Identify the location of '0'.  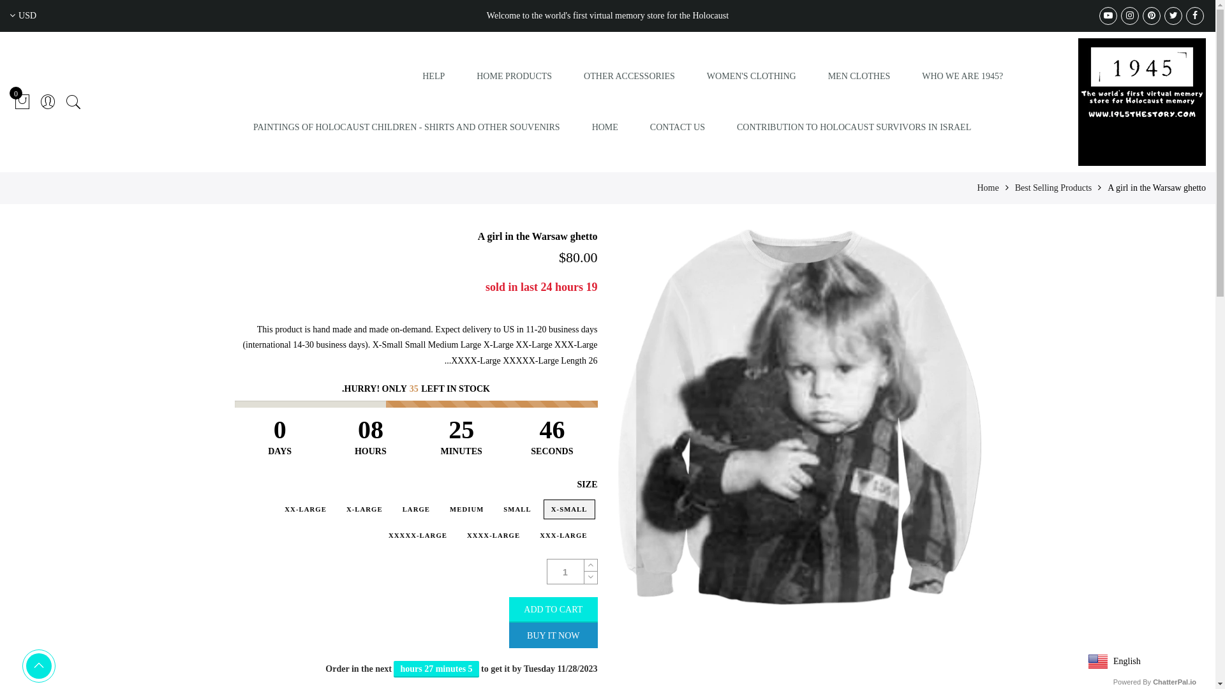
(22, 101).